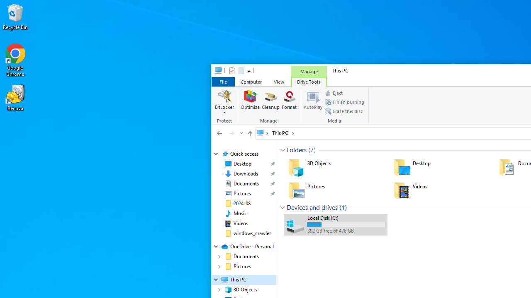 Image resolution: width=531 pixels, height=298 pixels. I want to click on 'Format', so click(290, 101).